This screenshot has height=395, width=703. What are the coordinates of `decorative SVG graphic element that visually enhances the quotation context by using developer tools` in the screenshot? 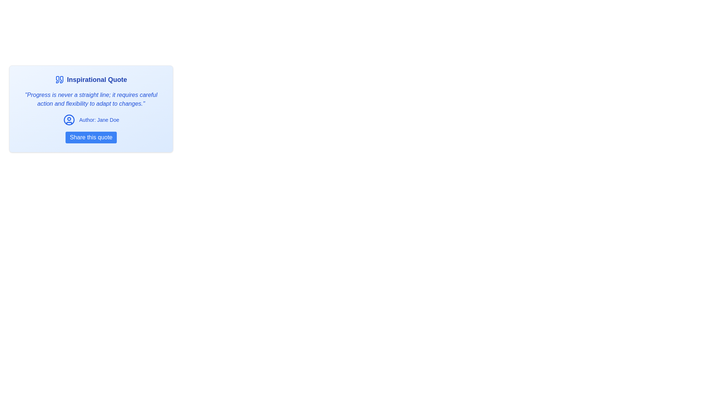 It's located at (57, 80).